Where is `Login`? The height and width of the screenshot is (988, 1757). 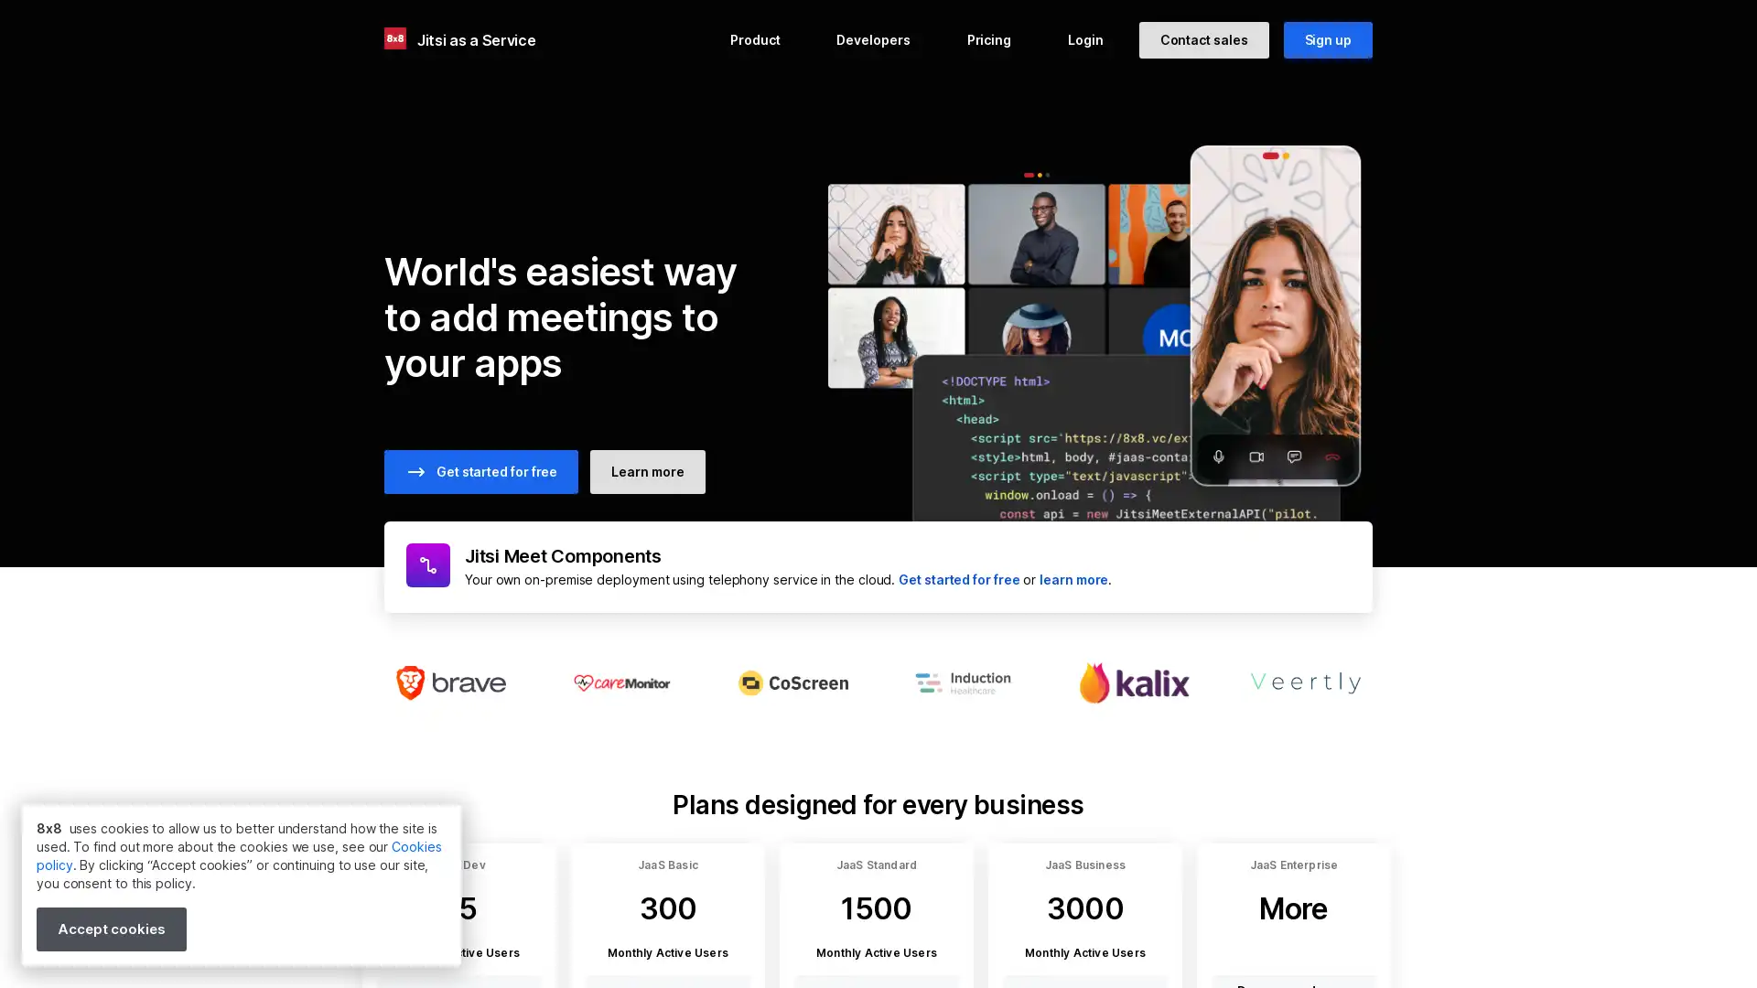
Login is located at coordinates (1084, 39).